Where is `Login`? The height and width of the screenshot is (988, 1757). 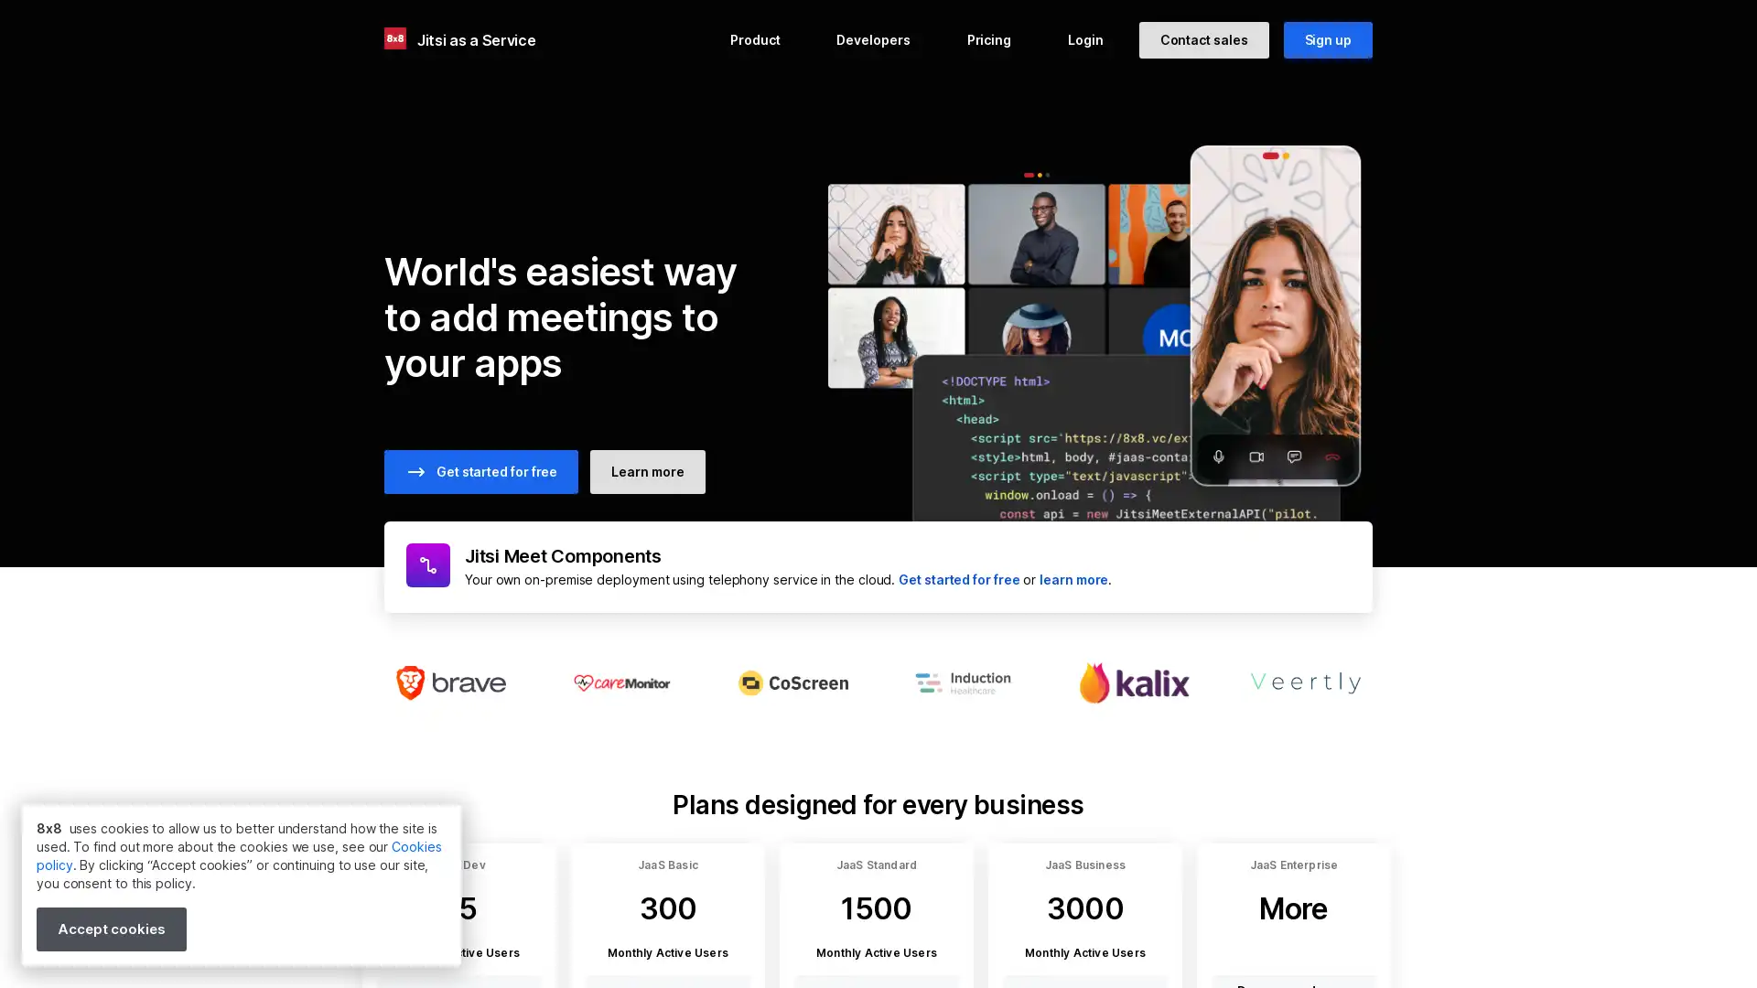
Login is located at coordinates (1084, 39).